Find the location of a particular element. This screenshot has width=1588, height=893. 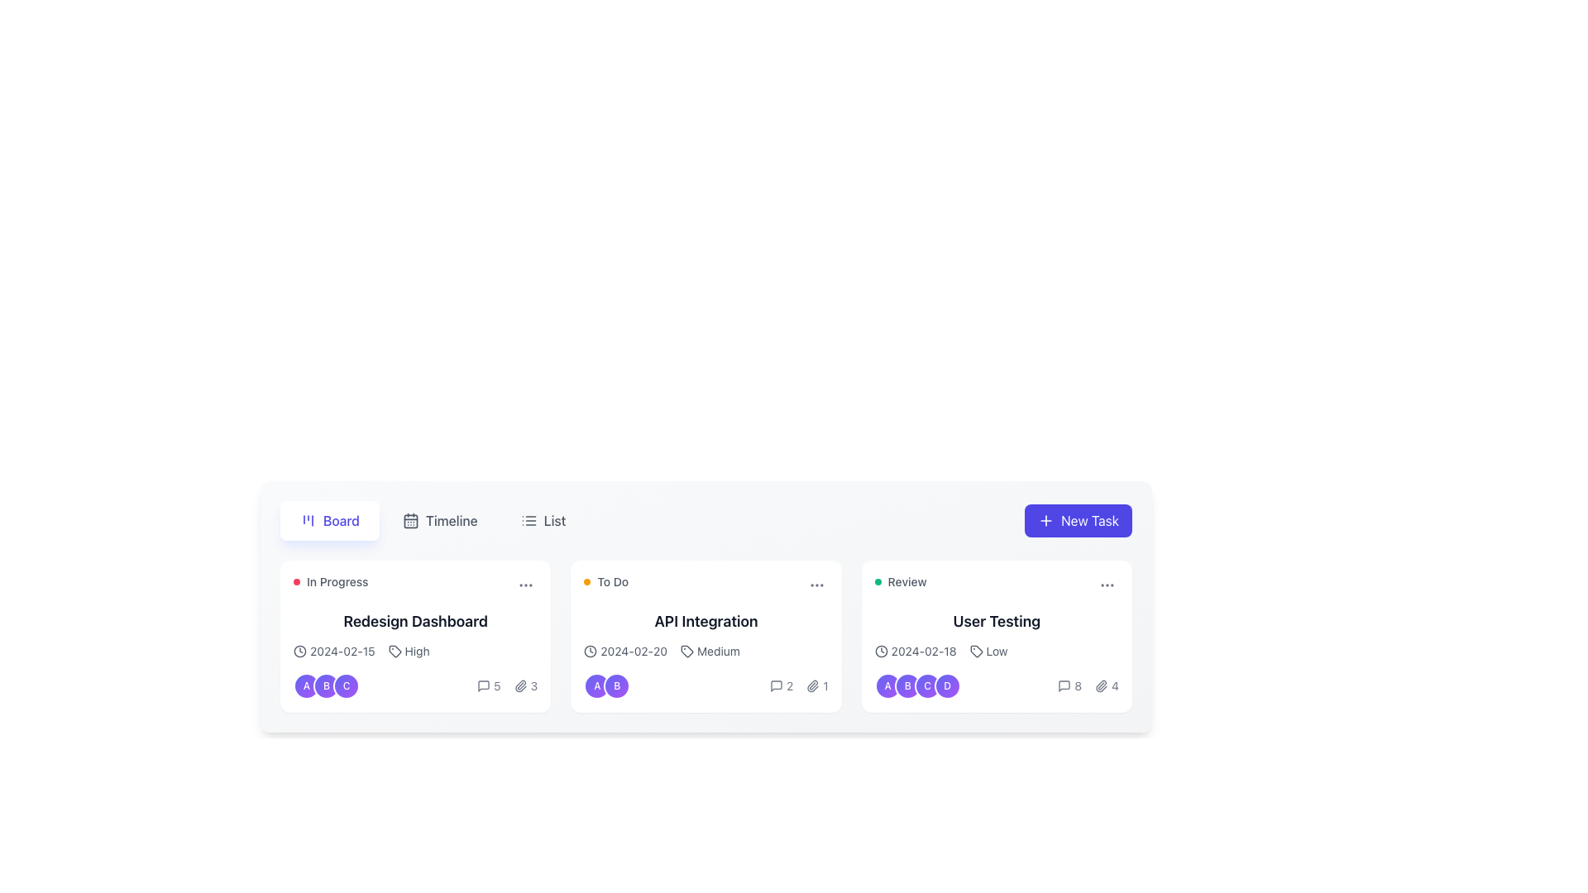

the comment icon located in the bottom-right corner of the 'Redesign Dashboard' task card is located at coordinates (483, 685).